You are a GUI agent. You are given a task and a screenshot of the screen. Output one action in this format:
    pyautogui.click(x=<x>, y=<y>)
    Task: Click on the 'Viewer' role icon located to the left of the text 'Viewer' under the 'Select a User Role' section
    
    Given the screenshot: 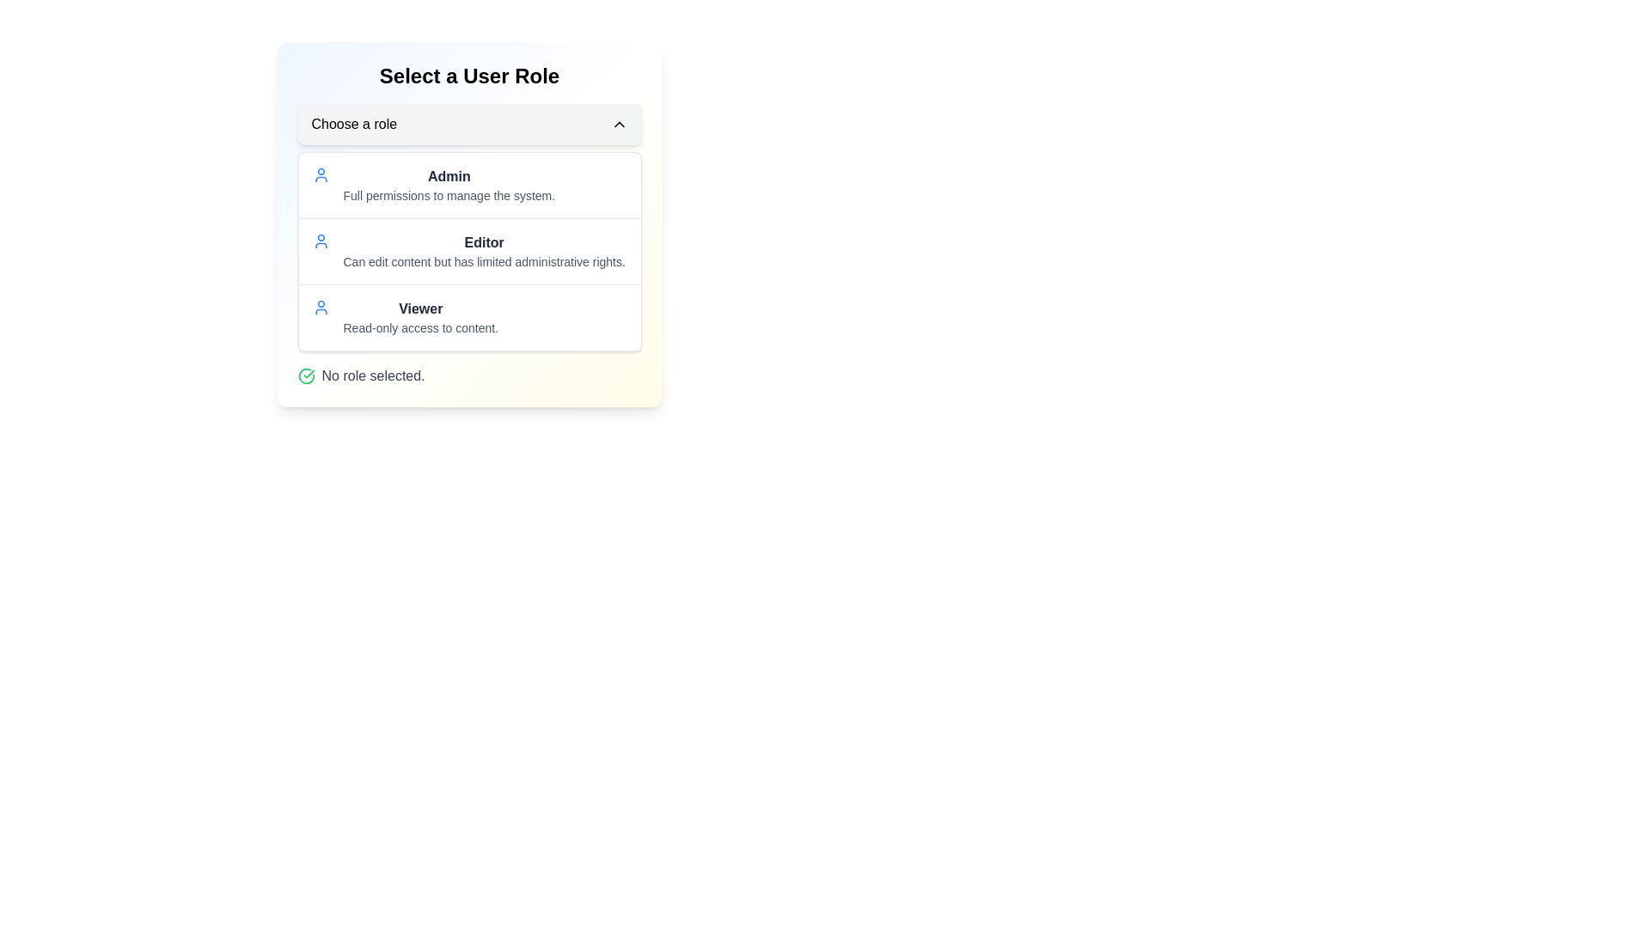 What is the action you would take?
    pyautogui.click(x=321, y=307)
    